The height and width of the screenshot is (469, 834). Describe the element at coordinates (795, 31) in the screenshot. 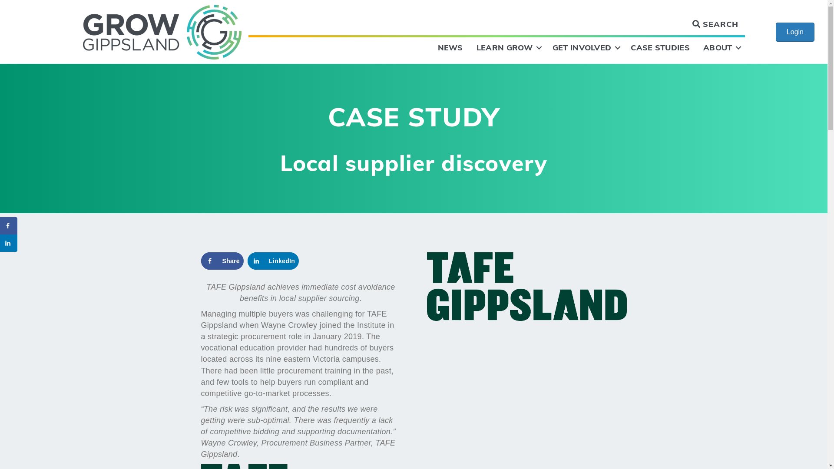

I see `'Login'` at that location.